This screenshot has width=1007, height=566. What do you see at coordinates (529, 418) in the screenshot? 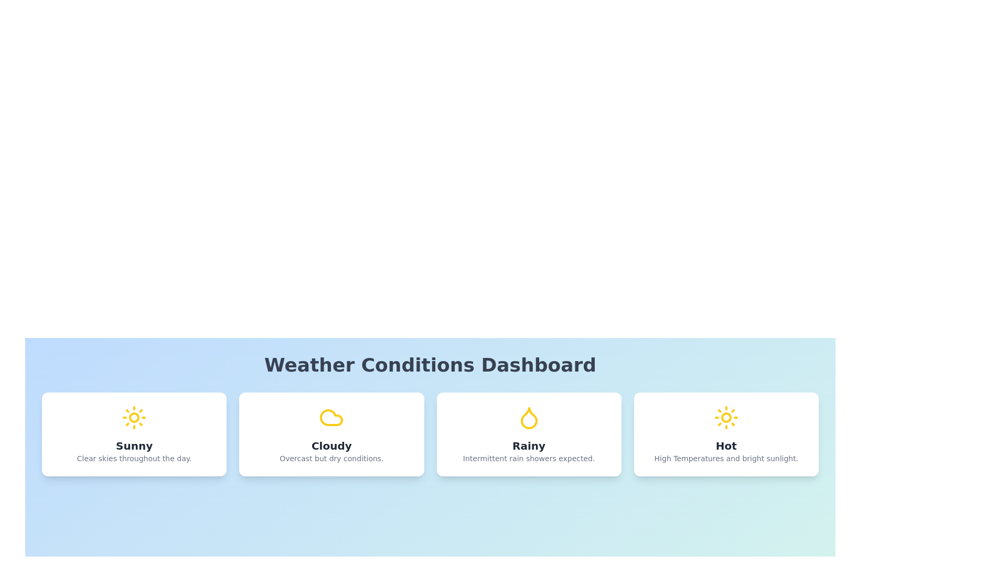
I see `the drop-shaped yellow icon representing rain, located in the third weather condition card labeled 'Rainy.'` at bounding box center [529, 418].